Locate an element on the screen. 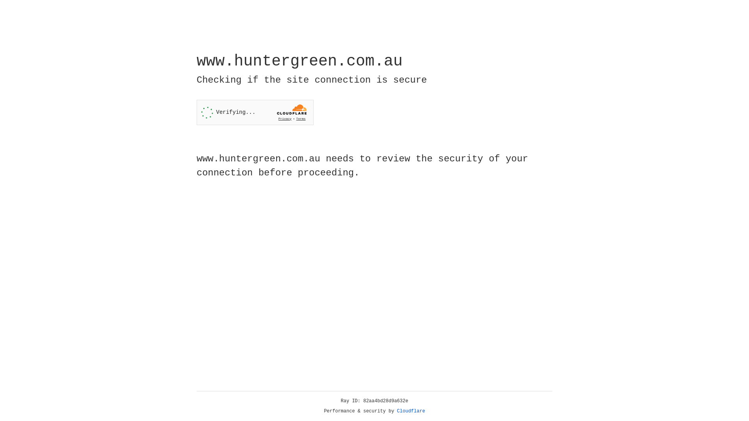  'Widget containing a Cloudflare security challenge' is located at coordinates (255, 112).